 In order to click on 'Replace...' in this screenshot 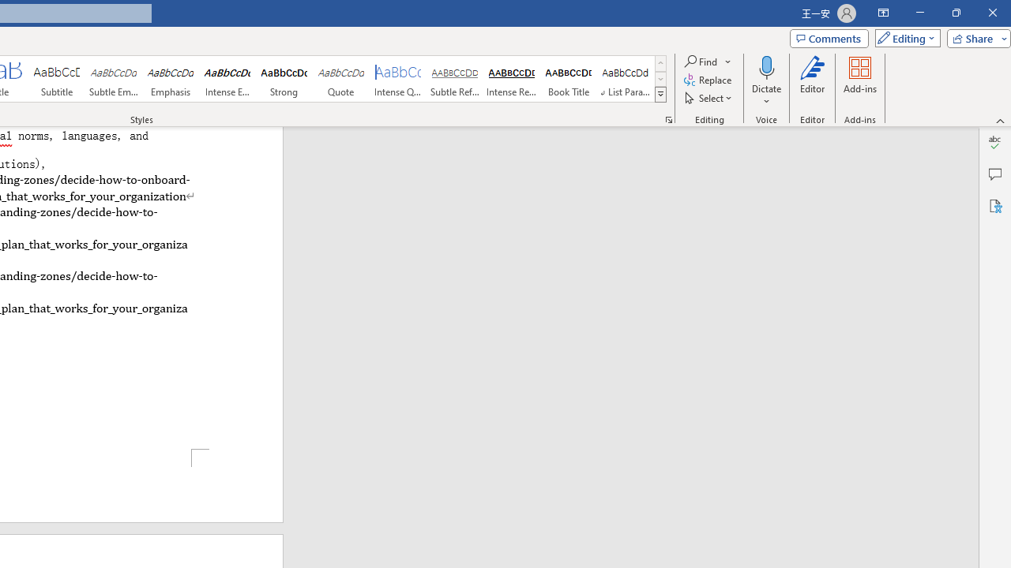, I will do `click(708, 80)`.